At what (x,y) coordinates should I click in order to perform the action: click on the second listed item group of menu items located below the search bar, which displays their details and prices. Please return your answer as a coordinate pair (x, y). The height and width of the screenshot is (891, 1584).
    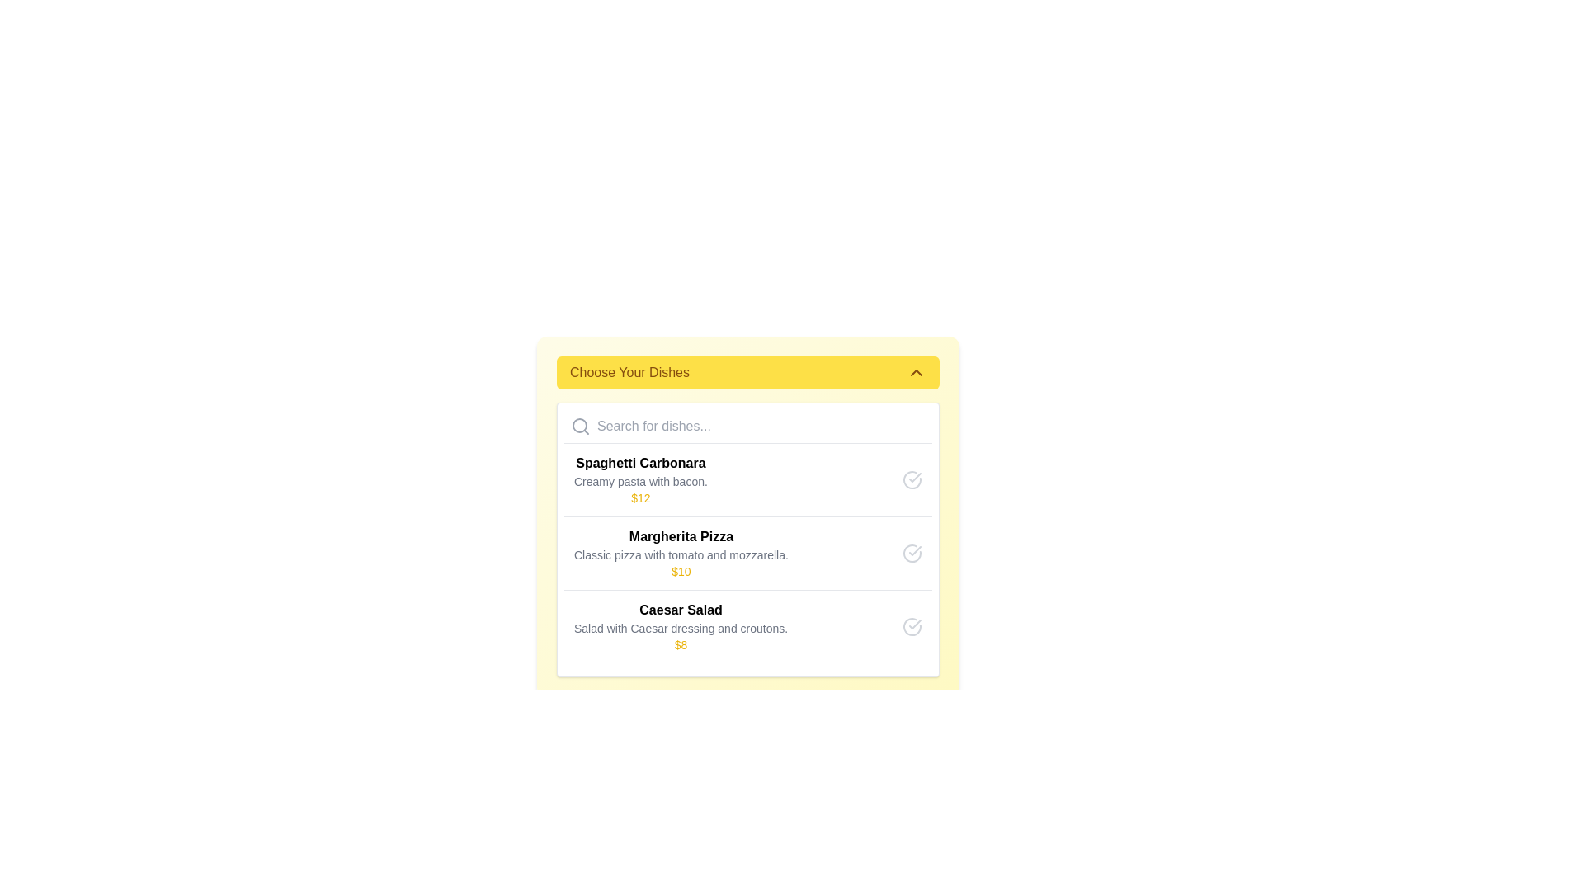
    Looking at the image, I should click on (747, 554).